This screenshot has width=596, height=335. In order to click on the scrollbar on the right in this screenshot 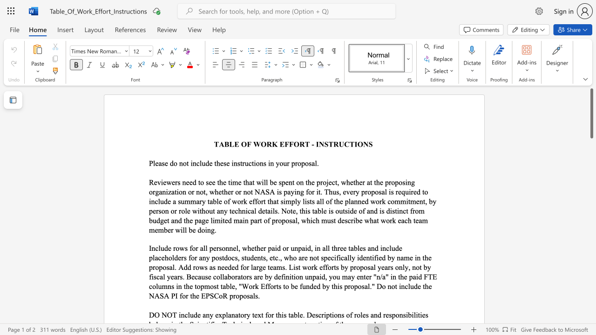, I will do `click(591, 274)`.